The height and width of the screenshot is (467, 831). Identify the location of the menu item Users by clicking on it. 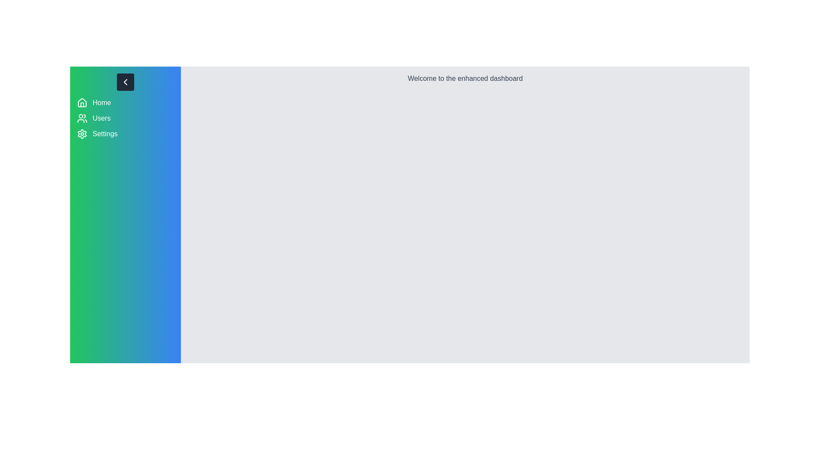
(125, 118).